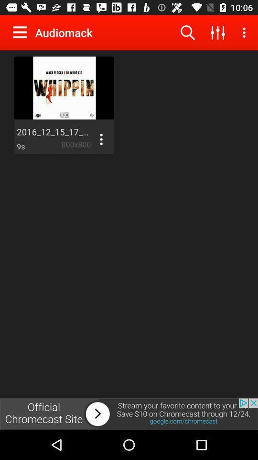 This screenshot has width=258, height=460. What do you see at coordinates (100, 138) in the screenshot?
I see `display options` at bounding box center [100, 138].